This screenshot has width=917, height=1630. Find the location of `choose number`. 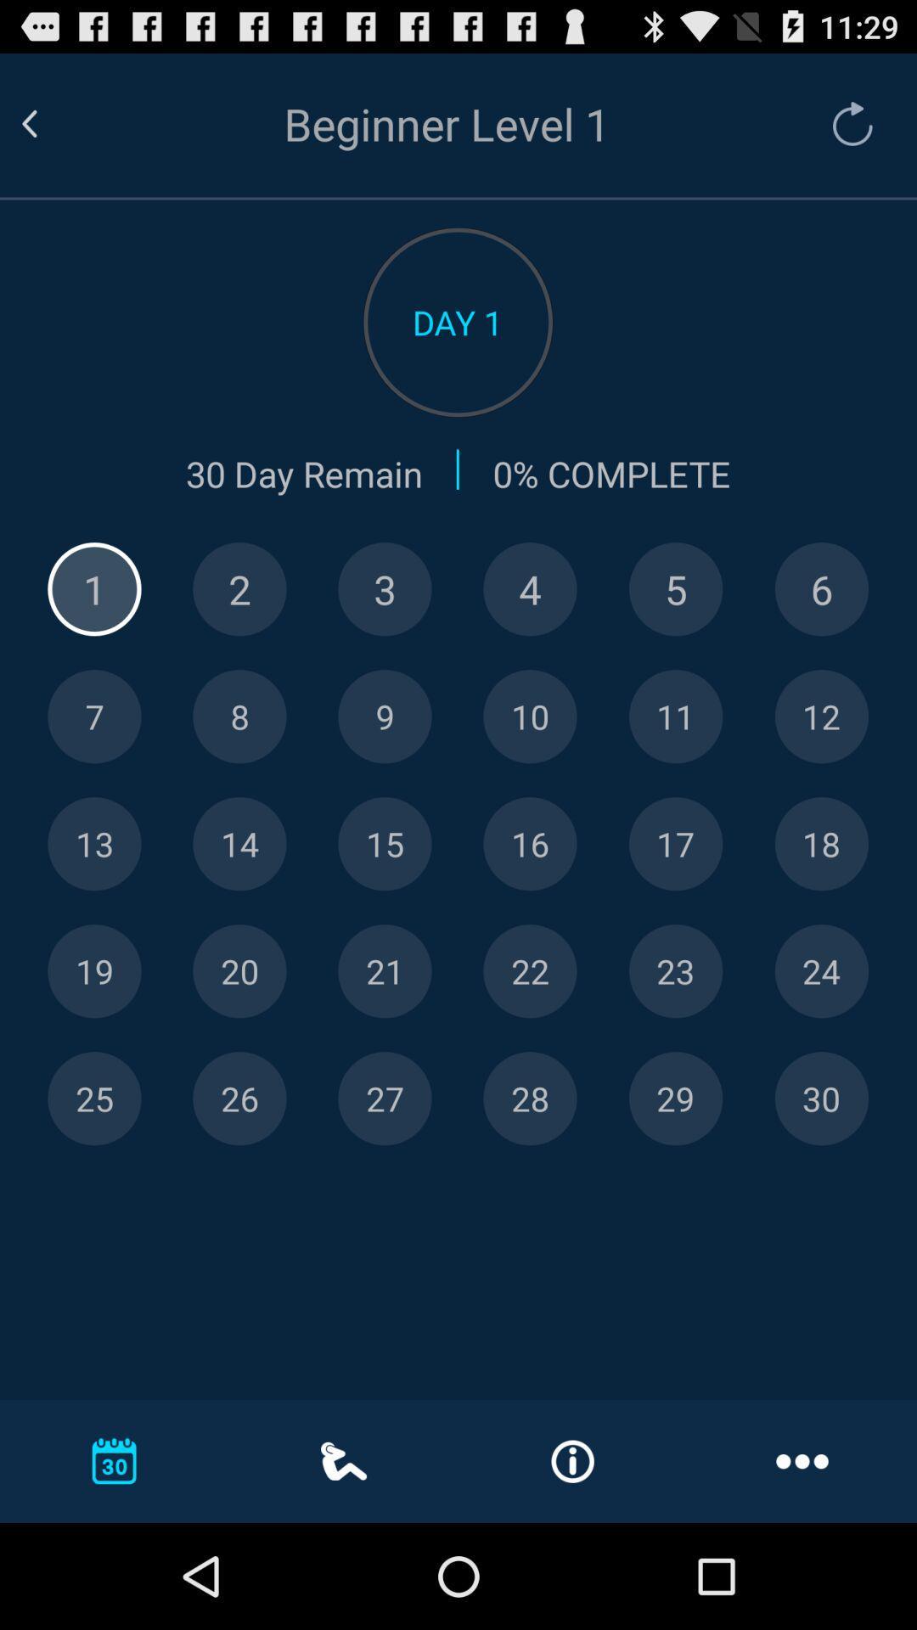

choose number is located at coordinates (385, 971).